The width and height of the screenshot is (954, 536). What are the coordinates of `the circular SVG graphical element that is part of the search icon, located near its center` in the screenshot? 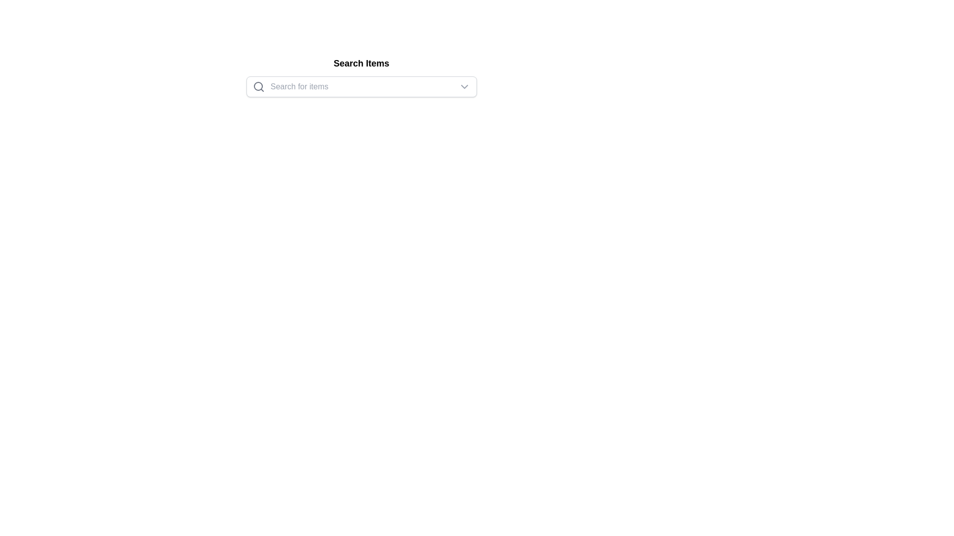 It's located at (258, 85).